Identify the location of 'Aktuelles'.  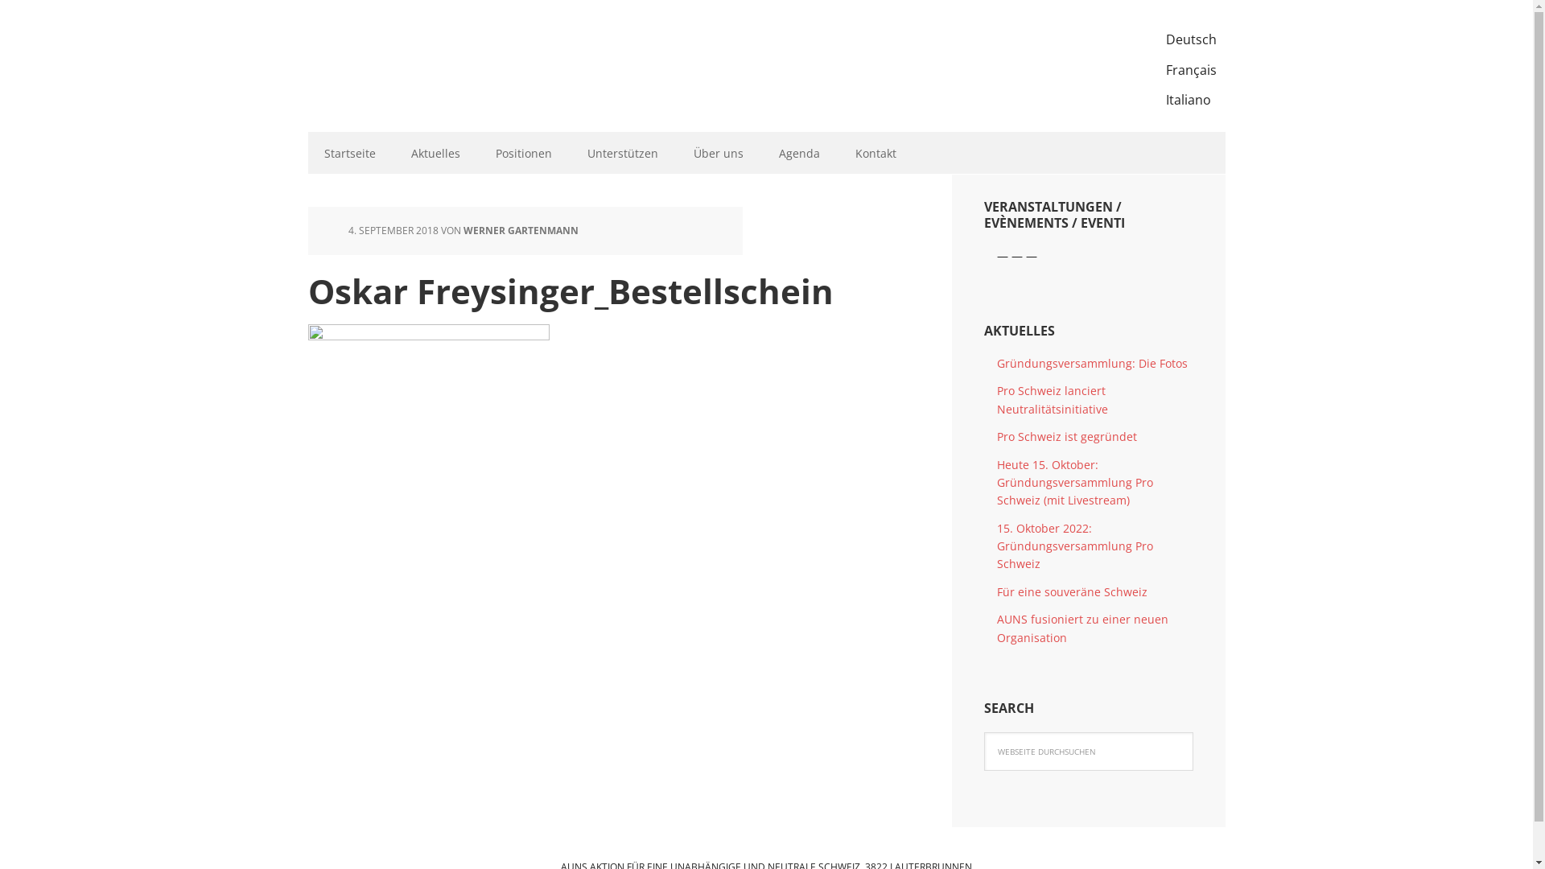
(435, 153).